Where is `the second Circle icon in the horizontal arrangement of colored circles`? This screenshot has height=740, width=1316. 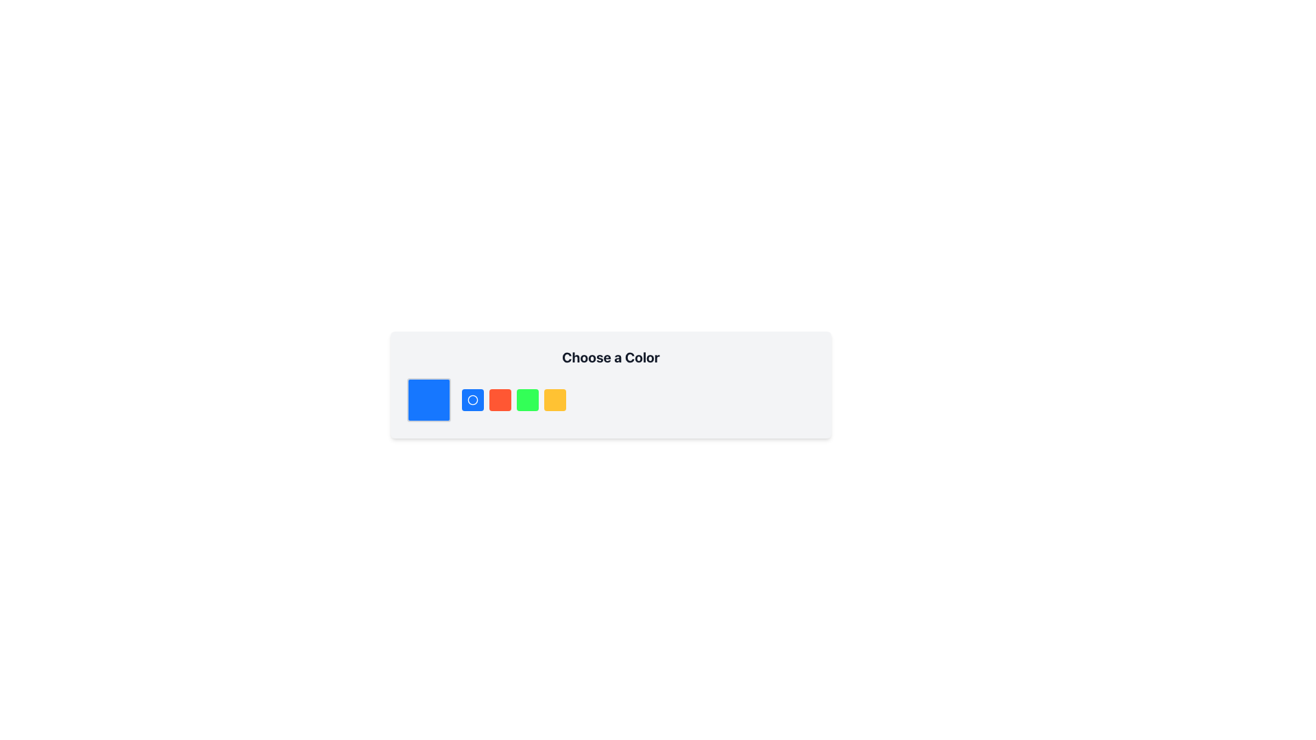 the second Circle icon in the horizontal arrangement of colored circles is located at coordinates (473, 399).